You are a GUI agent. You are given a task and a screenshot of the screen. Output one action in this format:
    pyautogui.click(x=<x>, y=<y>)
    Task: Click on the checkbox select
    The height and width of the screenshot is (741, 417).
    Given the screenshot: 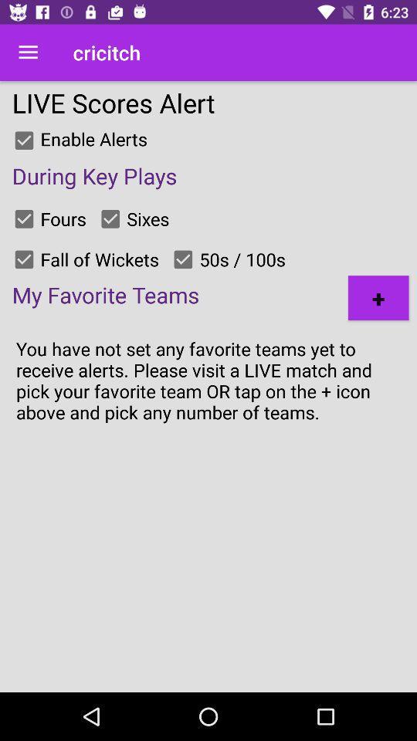 What is the action you would take?
    pyautogui.click(x=23, y=140)
    